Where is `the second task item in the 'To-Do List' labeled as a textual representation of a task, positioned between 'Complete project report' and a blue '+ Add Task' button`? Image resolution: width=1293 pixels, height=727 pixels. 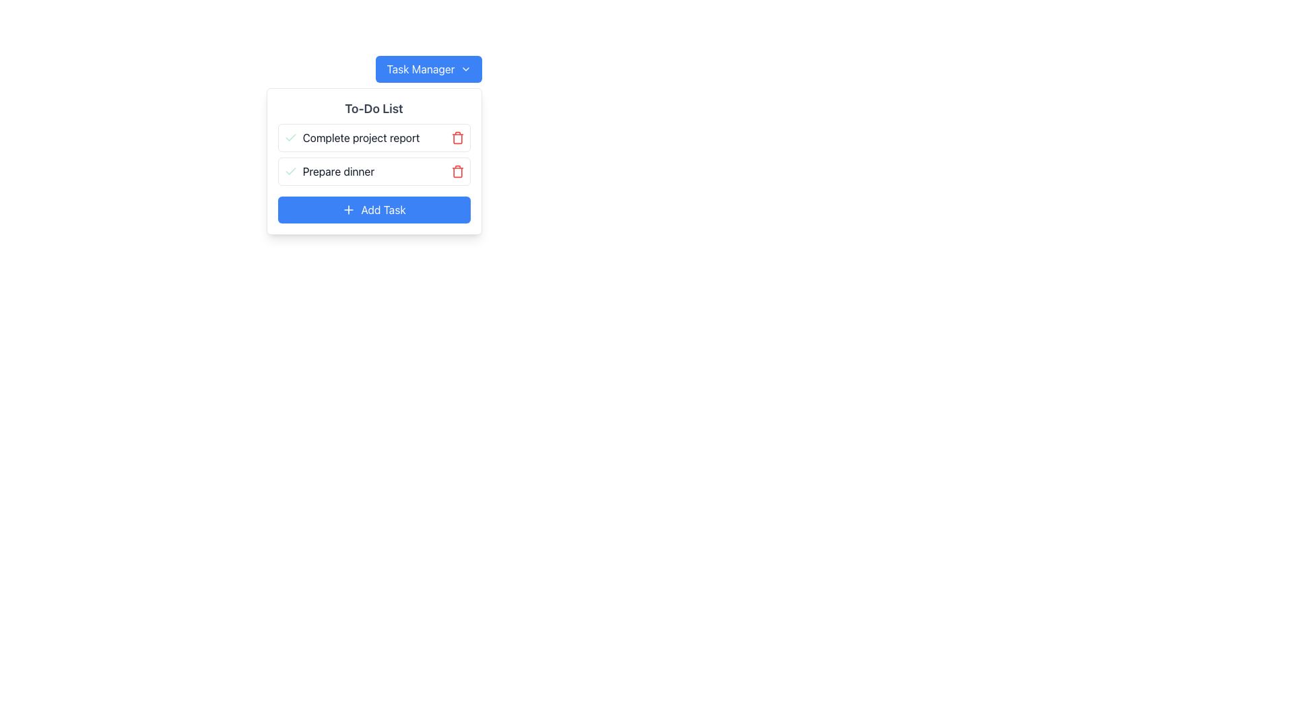
the second task item in the 'To-Do List' labeled as a textual representation of a task, positioned between 'Complete project report' and a blue '+ Add Task' button is located at coordinates (338, 170).